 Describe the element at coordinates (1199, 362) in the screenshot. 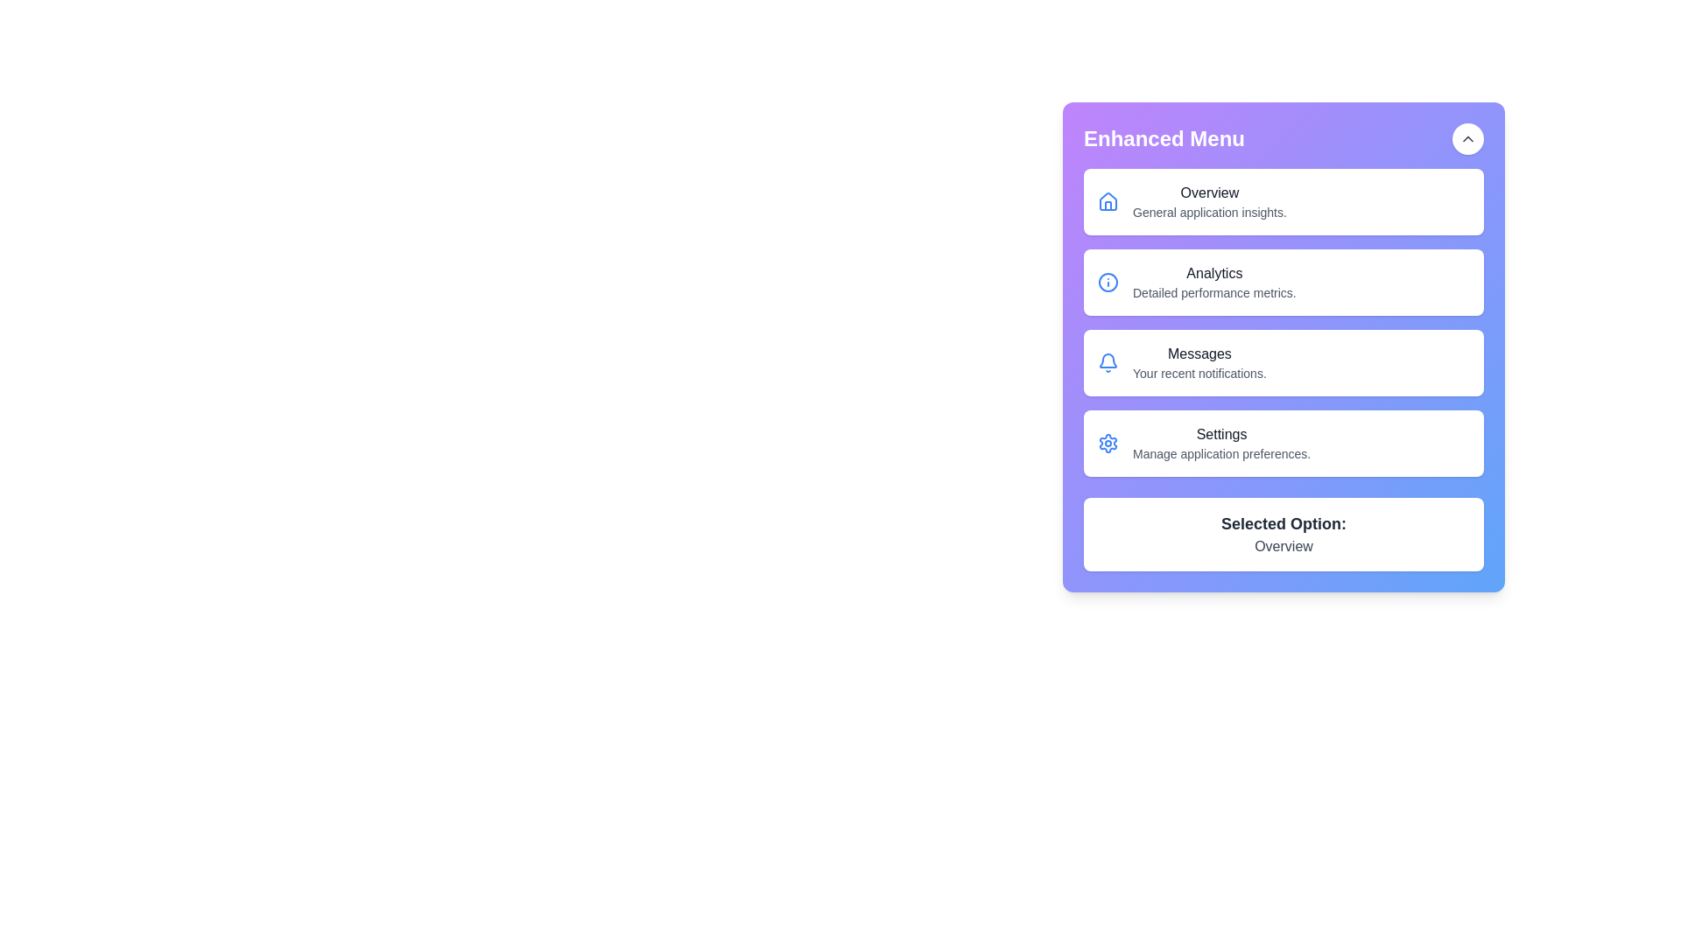

I see `text from the 'Messages' text label which includes the title 'Messages' and the description 'Your recent notifications.'` at that location.